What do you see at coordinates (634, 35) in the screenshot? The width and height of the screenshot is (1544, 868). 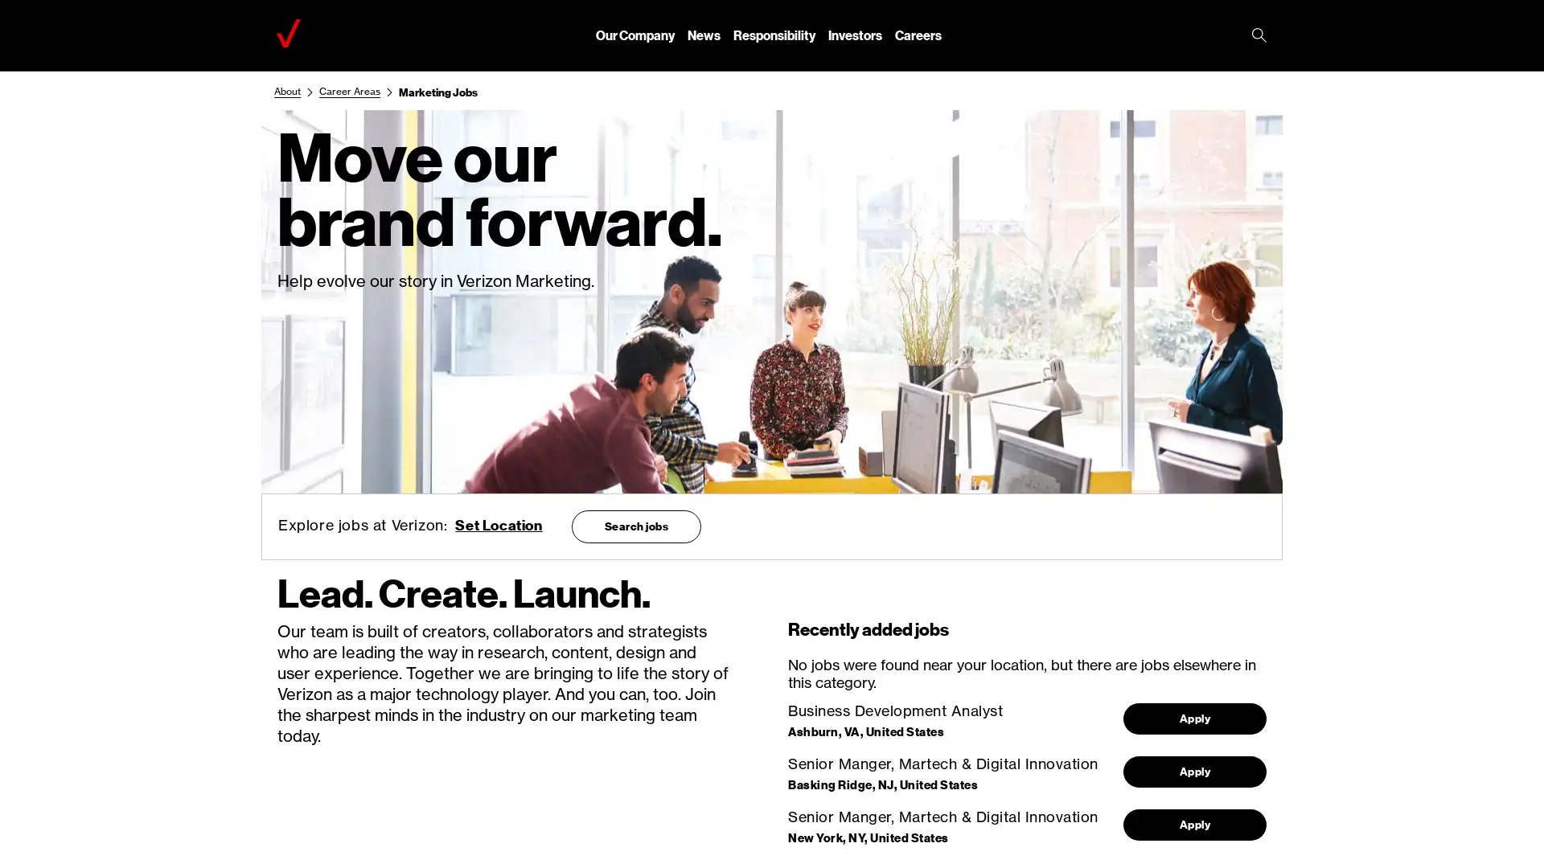 I see `Our Company Menu List` at bounding box center [634, 35].